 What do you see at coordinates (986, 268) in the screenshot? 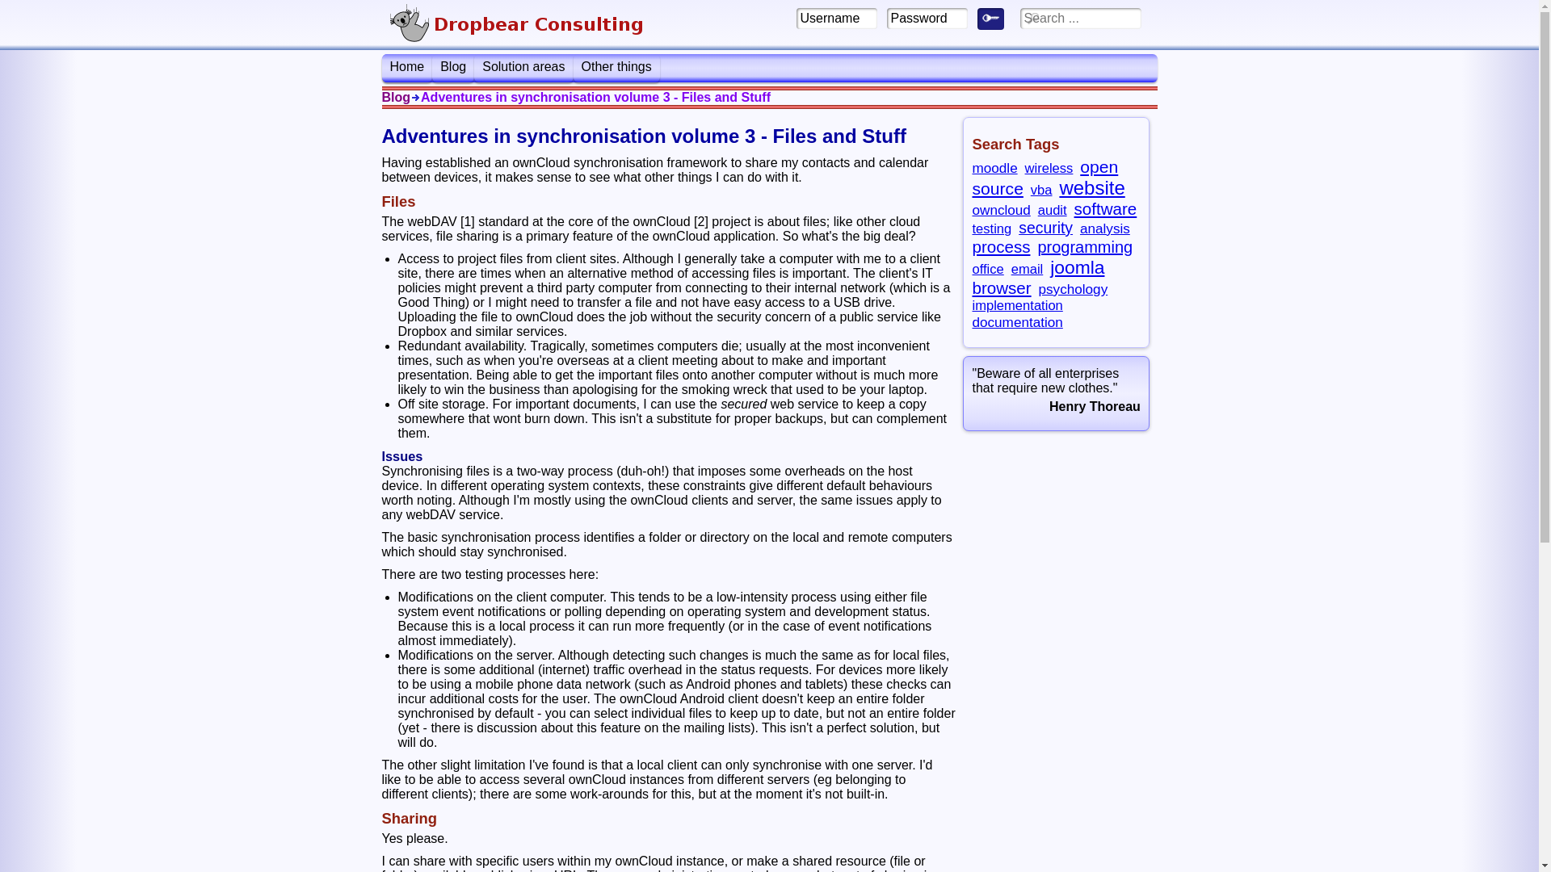
I see `'office'` at bounding box center [986, 268].